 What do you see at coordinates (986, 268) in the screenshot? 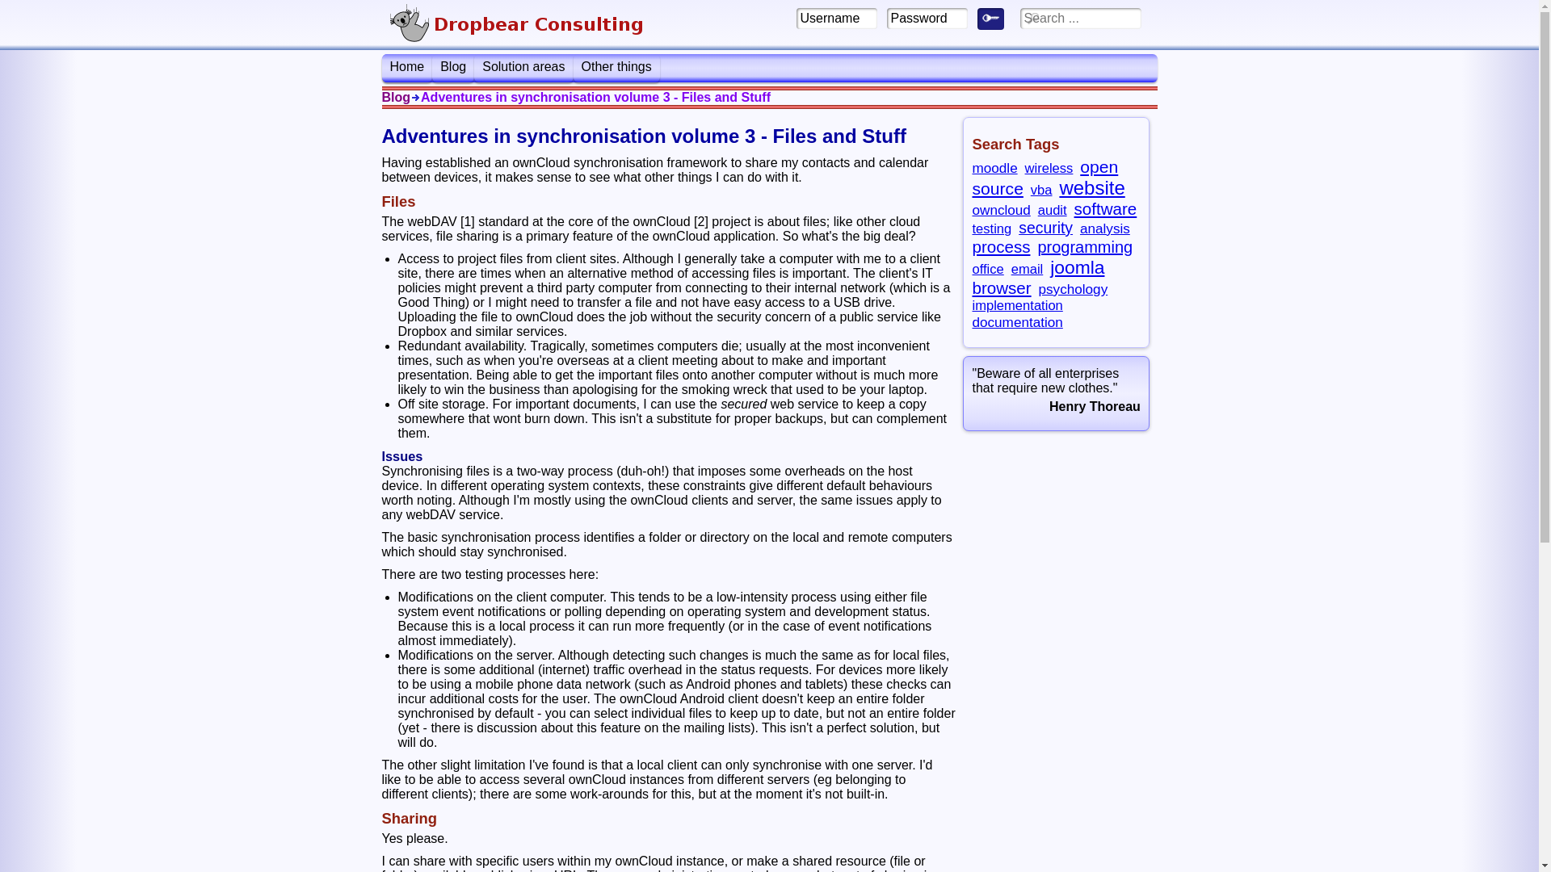
I see `'office'` at bounding box center [986, 268].